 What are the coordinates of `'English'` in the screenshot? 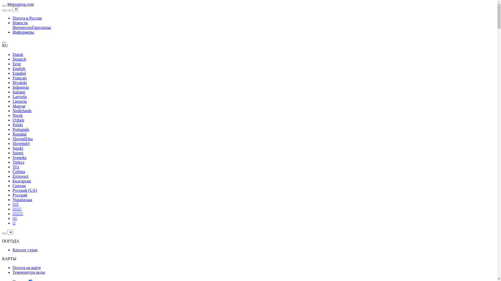 It's located at (19, 68).